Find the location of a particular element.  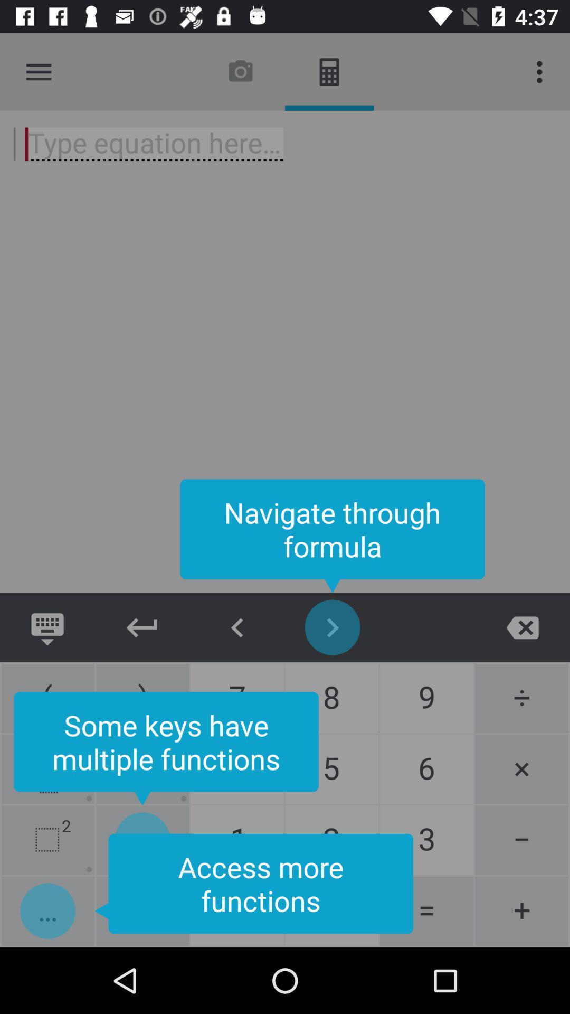

keyboard is located at coordinates (46, 627).